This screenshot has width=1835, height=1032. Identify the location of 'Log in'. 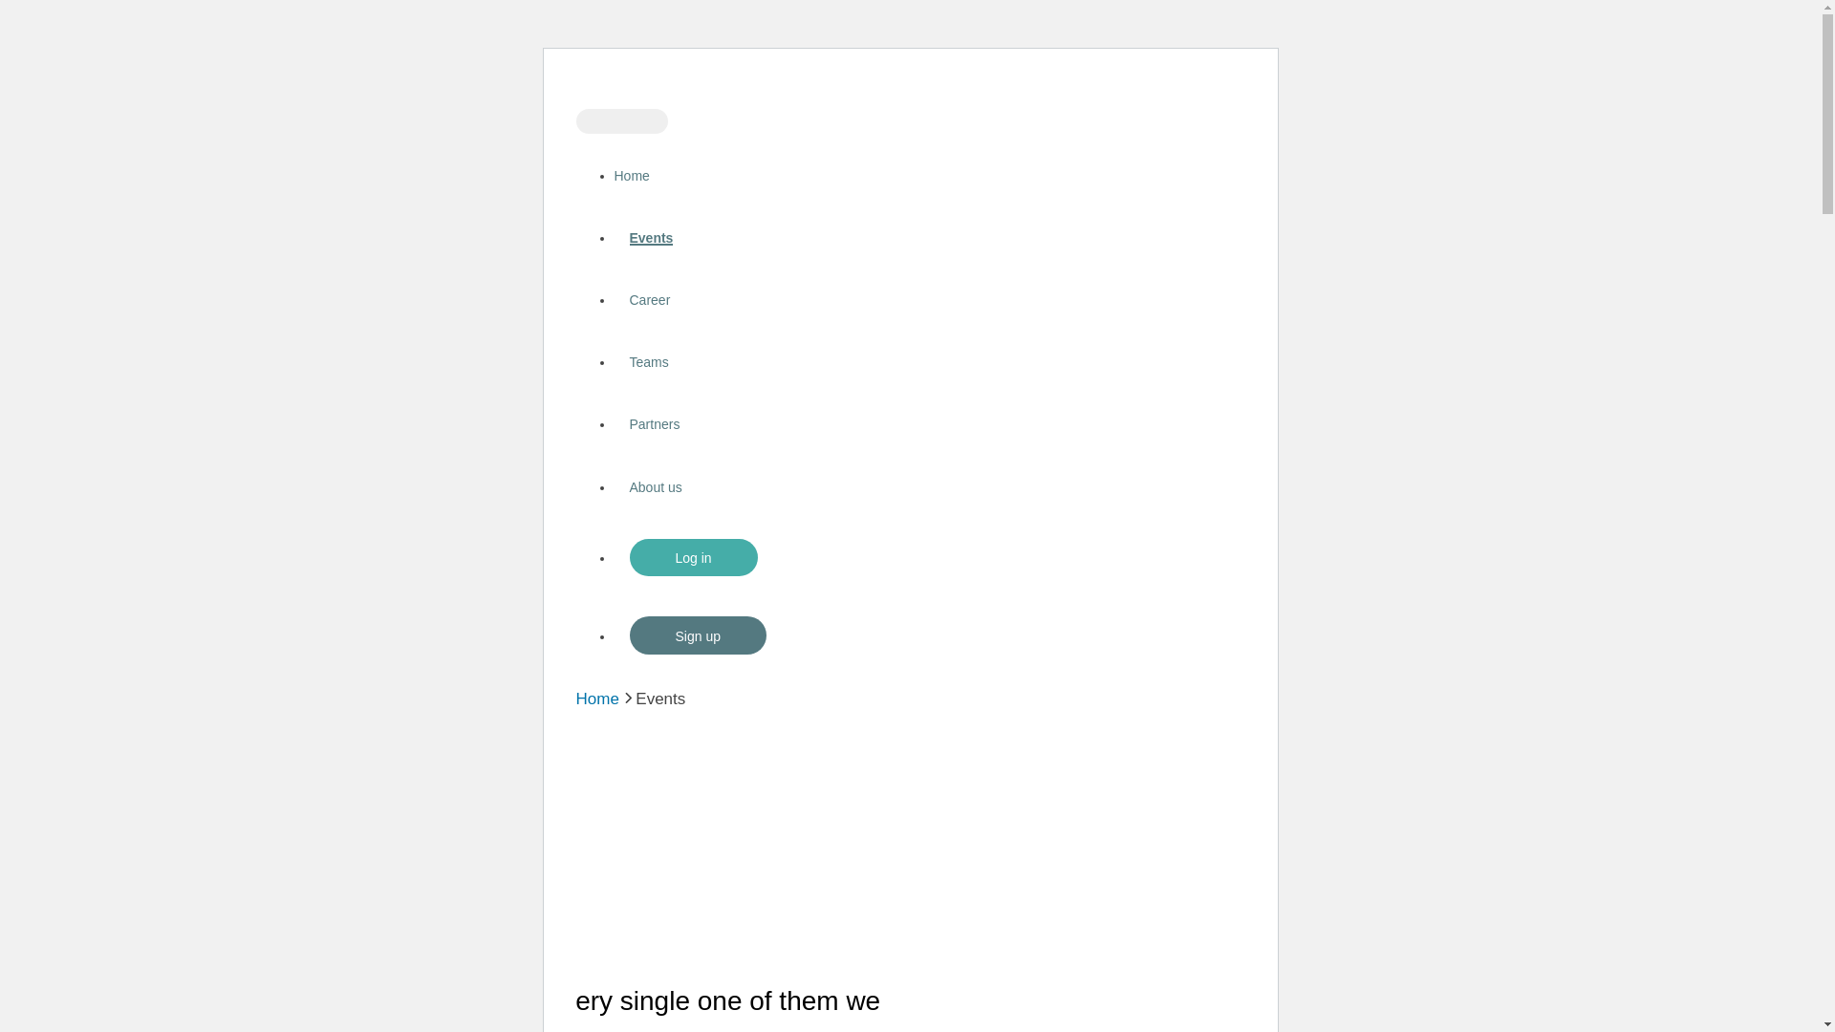
(691, 557).